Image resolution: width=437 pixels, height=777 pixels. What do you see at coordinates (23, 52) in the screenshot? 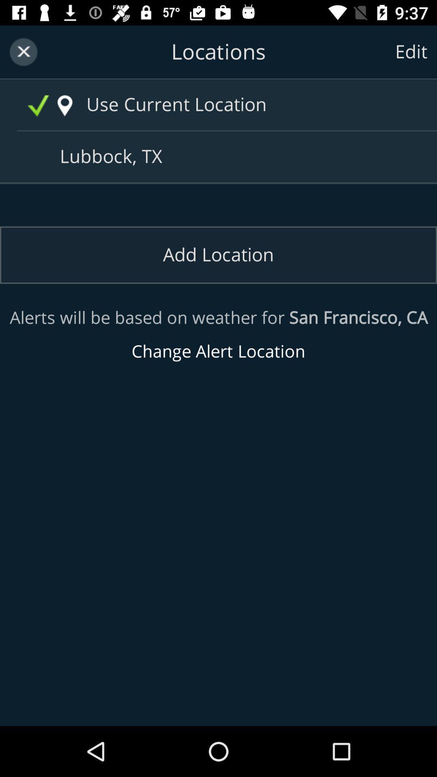
I see `the icon which is on the top left corner` at bounding box center [23, 52].